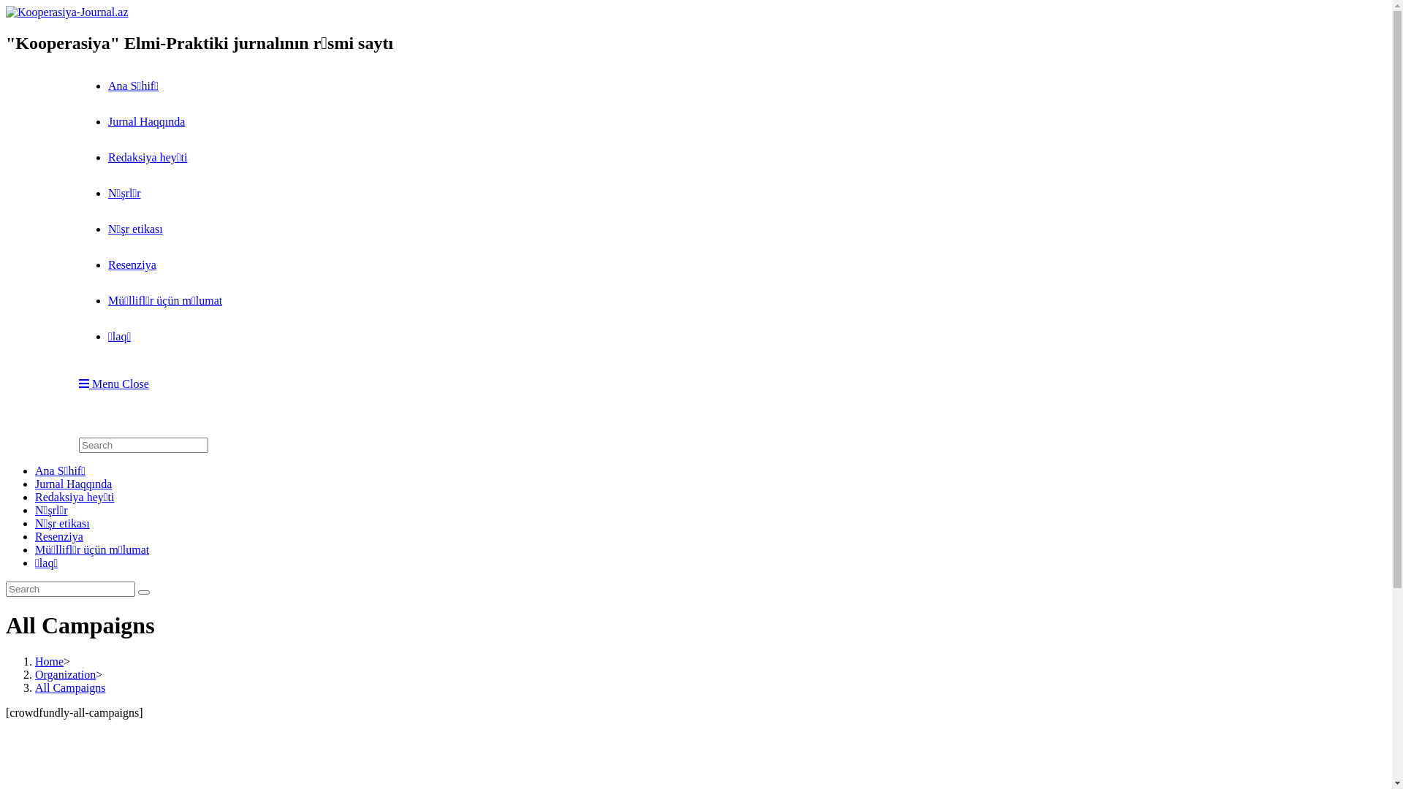 The height and width of the screenshot is (789, 1403). What do you see at coordinates (35, 661) in the screenshot?
I see `'Home'` at bounding box center [35, 661].